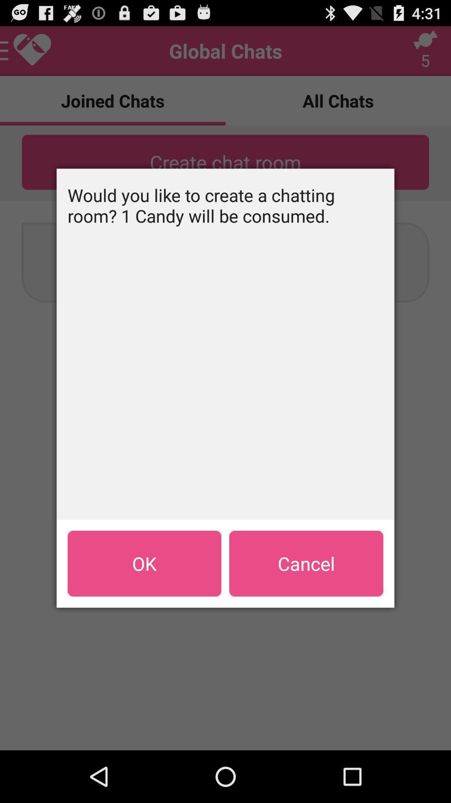 The image size is (451, 803). Describe the element at coordinates (306, 563) in the screenshot. I see `the icon to the right of the ok` at that location.